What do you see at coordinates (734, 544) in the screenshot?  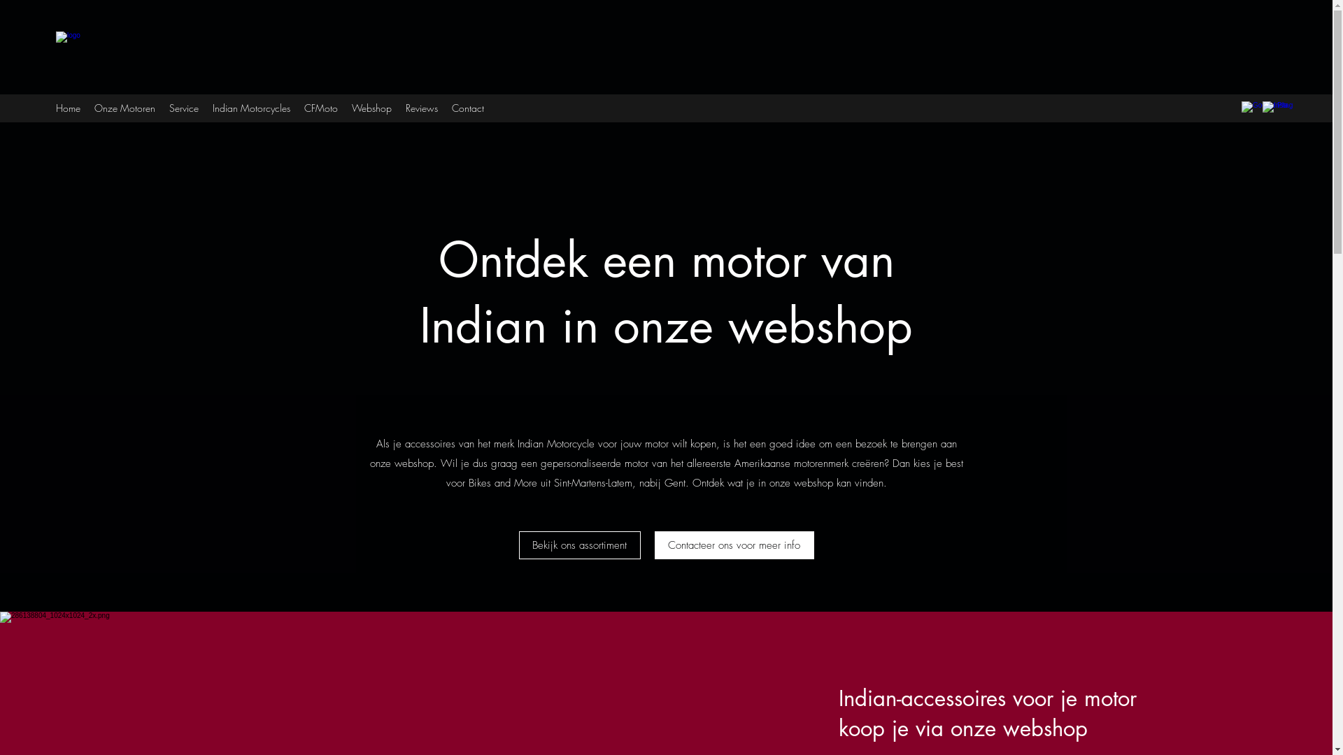 I see `'Contacteer ons voor meer info'` at bounding box center [734, 544].